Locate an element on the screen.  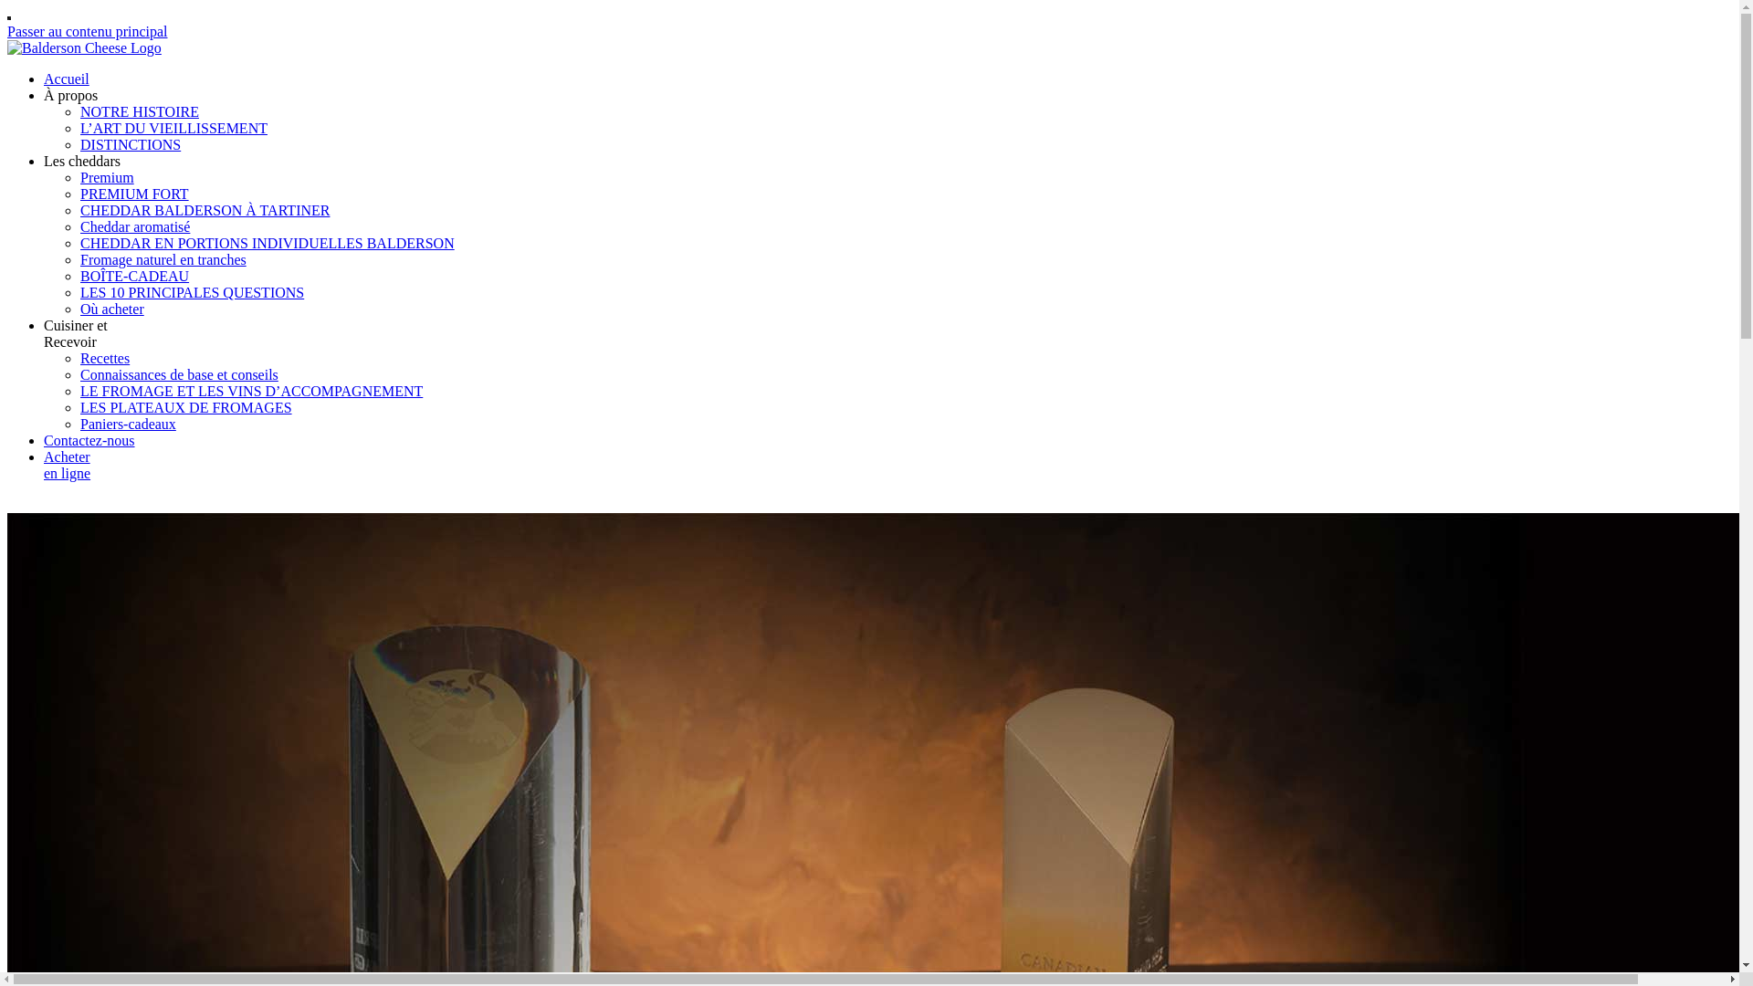
'Paniers-cadeaux' is located at coordinates (127, 424).